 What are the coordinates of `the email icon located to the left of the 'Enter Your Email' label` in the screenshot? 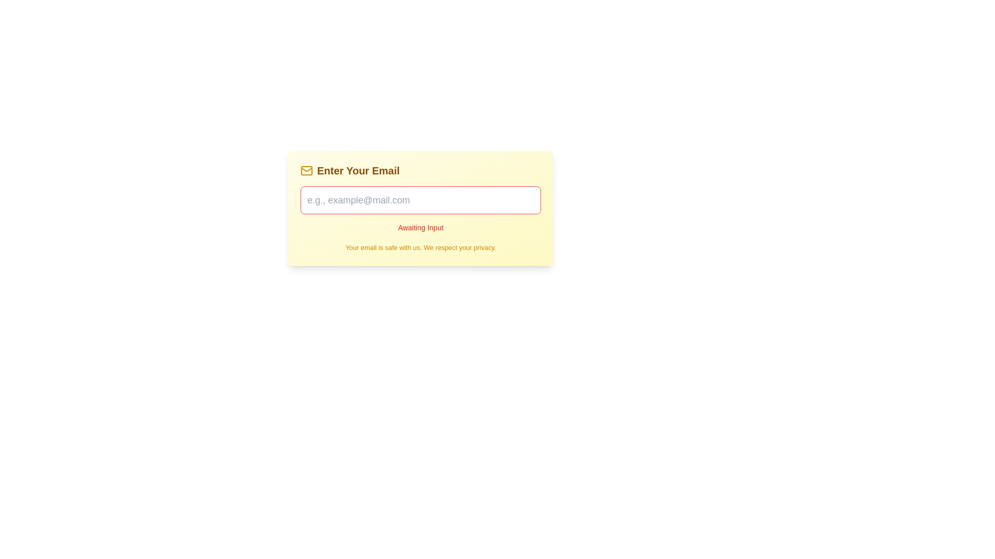 It's located at (306, 170).